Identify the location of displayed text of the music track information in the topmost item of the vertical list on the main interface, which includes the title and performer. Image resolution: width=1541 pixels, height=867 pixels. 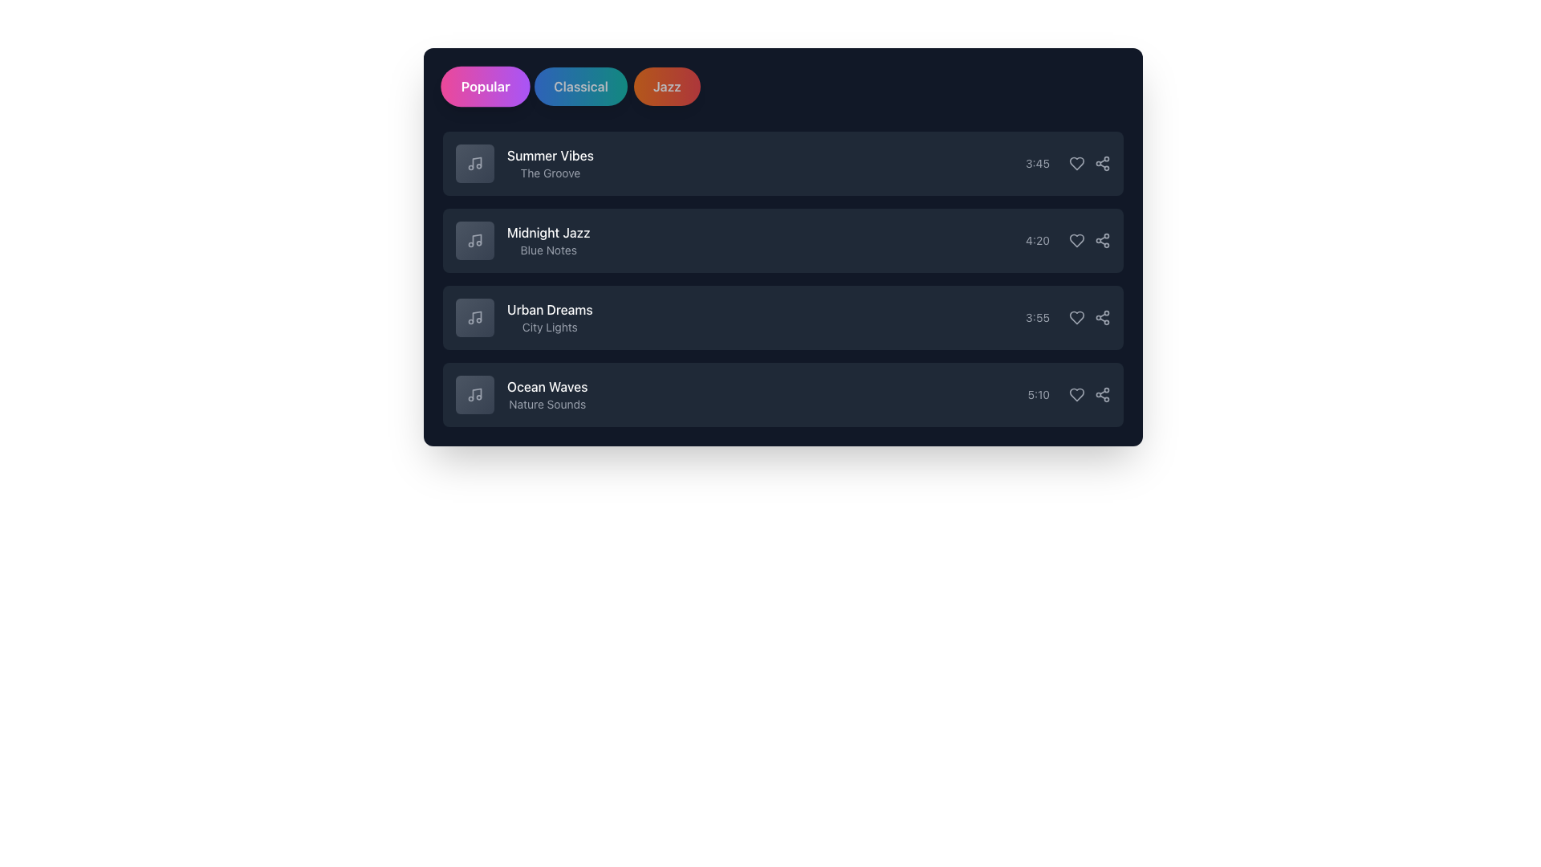
(551, 164).